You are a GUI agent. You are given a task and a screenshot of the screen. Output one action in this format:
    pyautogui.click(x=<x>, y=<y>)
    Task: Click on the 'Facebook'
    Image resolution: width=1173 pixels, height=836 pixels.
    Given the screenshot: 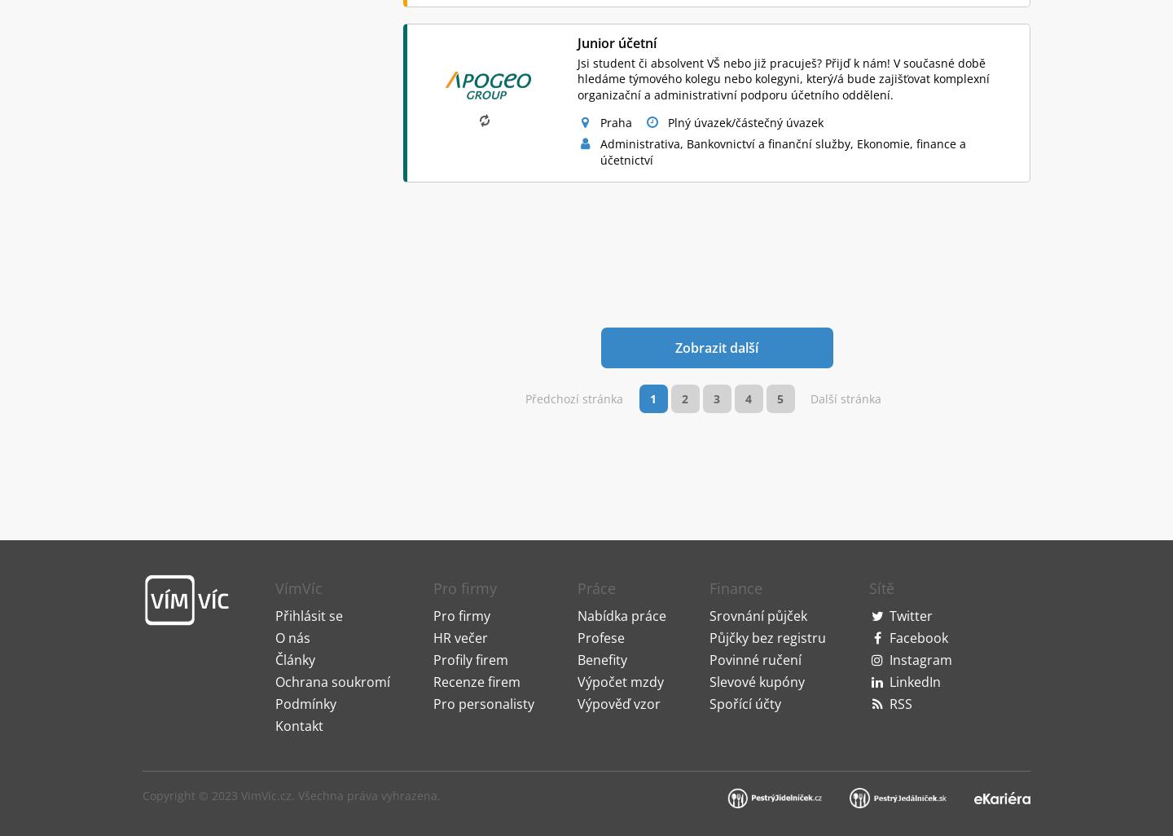 What is the action you would take?
    pyautogui.click(x=916, y=449)
    